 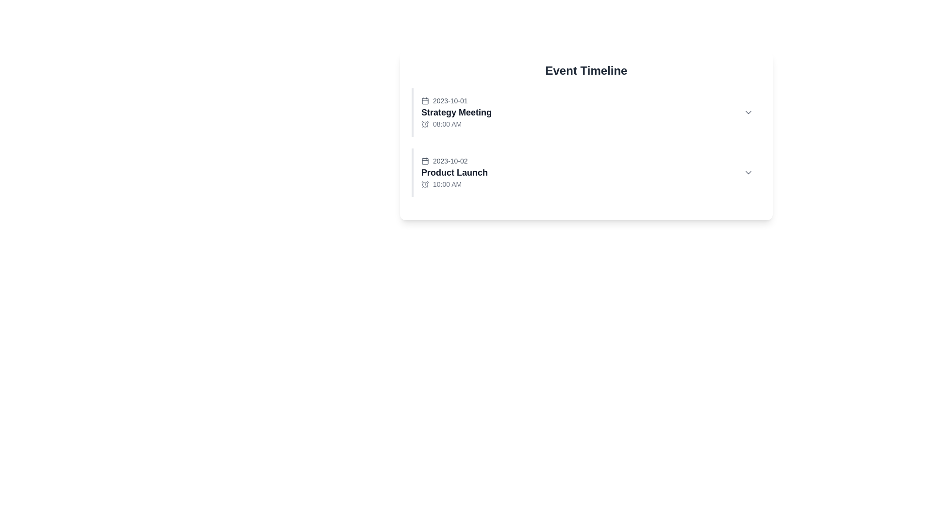 I want to click on the event entry displaying 'Product Launch' scheduled for '2023-10-02', so click(x=454, y=172).